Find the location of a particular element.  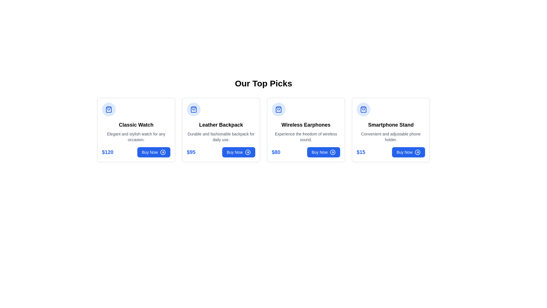

the right-pointing arrow icon within the circular border on the 'Buy Now' button of the 'Leather Backpack' card, which is the second card in the layout is located at coordinates (248, 152).